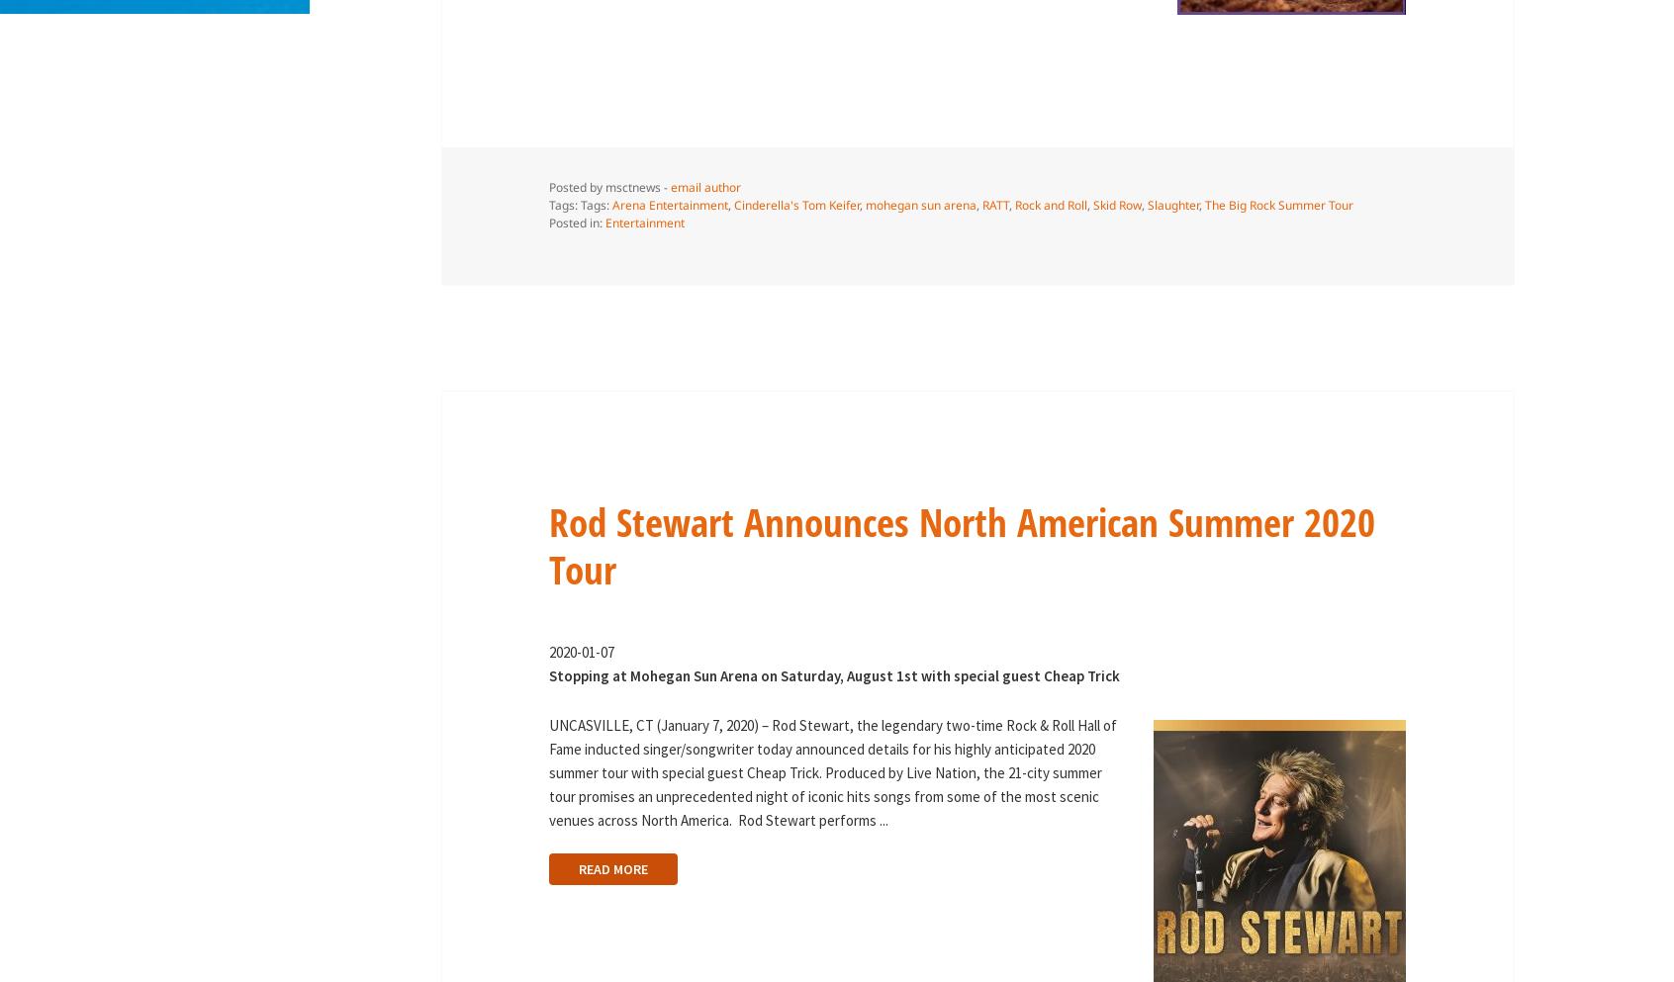  What do you see at coordinates (547, 770) in the screenshot?
I see `'UNCASVILLE, CT (January 7, 2020) – Rod Stewart, the legendary two-time Rock & Roll Hall of Fame inducted singer/songwriter today announced details for his highly anticipated 2020 summer tour with special guest Cheap Trick. Produced by Live Nation, the 21-city summer tour promises an unprecedented night of iconic hits songs from some of the most scenic venues across North America.  Rod Stewart performs'` at bounding box center [547, 770].